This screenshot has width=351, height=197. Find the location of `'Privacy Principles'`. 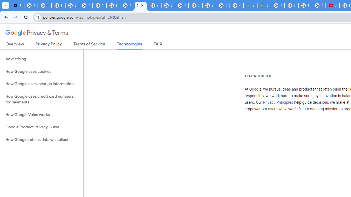

'Privacy Principles' is located at coordinates (278, 102).